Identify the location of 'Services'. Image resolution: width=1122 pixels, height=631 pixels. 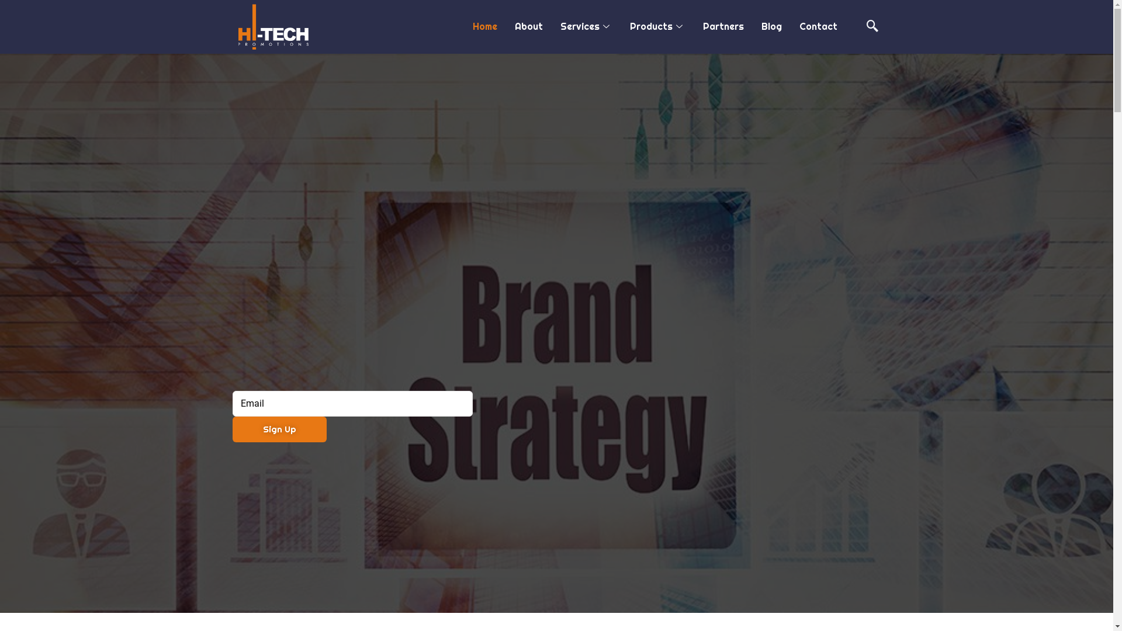
(586, 26).